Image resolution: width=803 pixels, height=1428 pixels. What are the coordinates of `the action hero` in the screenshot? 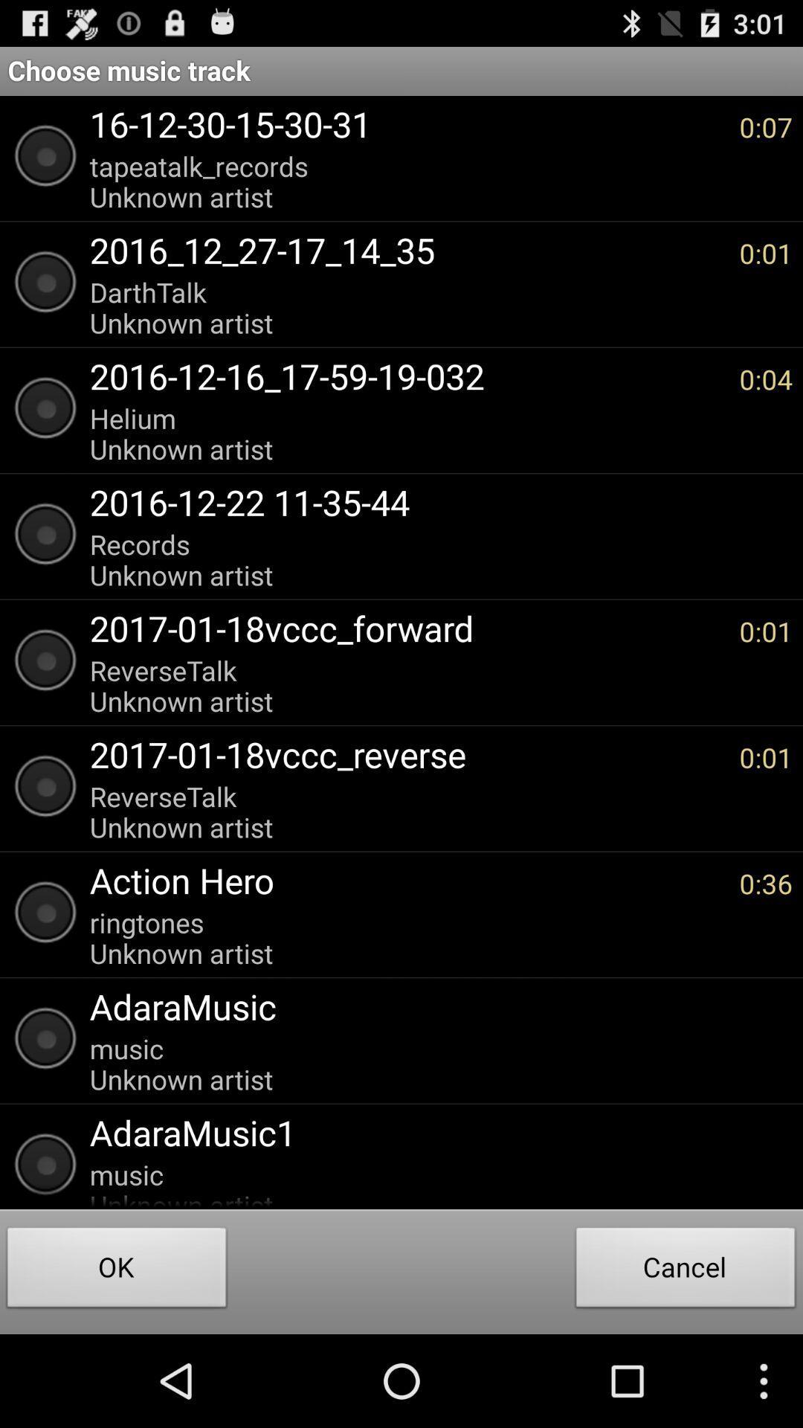 It's located at (407, 880).